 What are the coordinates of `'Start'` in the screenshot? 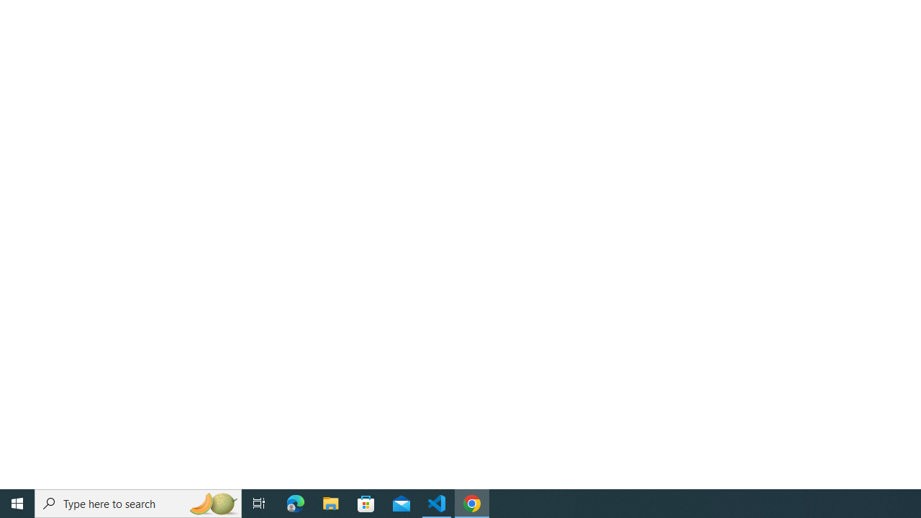 It's located at (17, 502).